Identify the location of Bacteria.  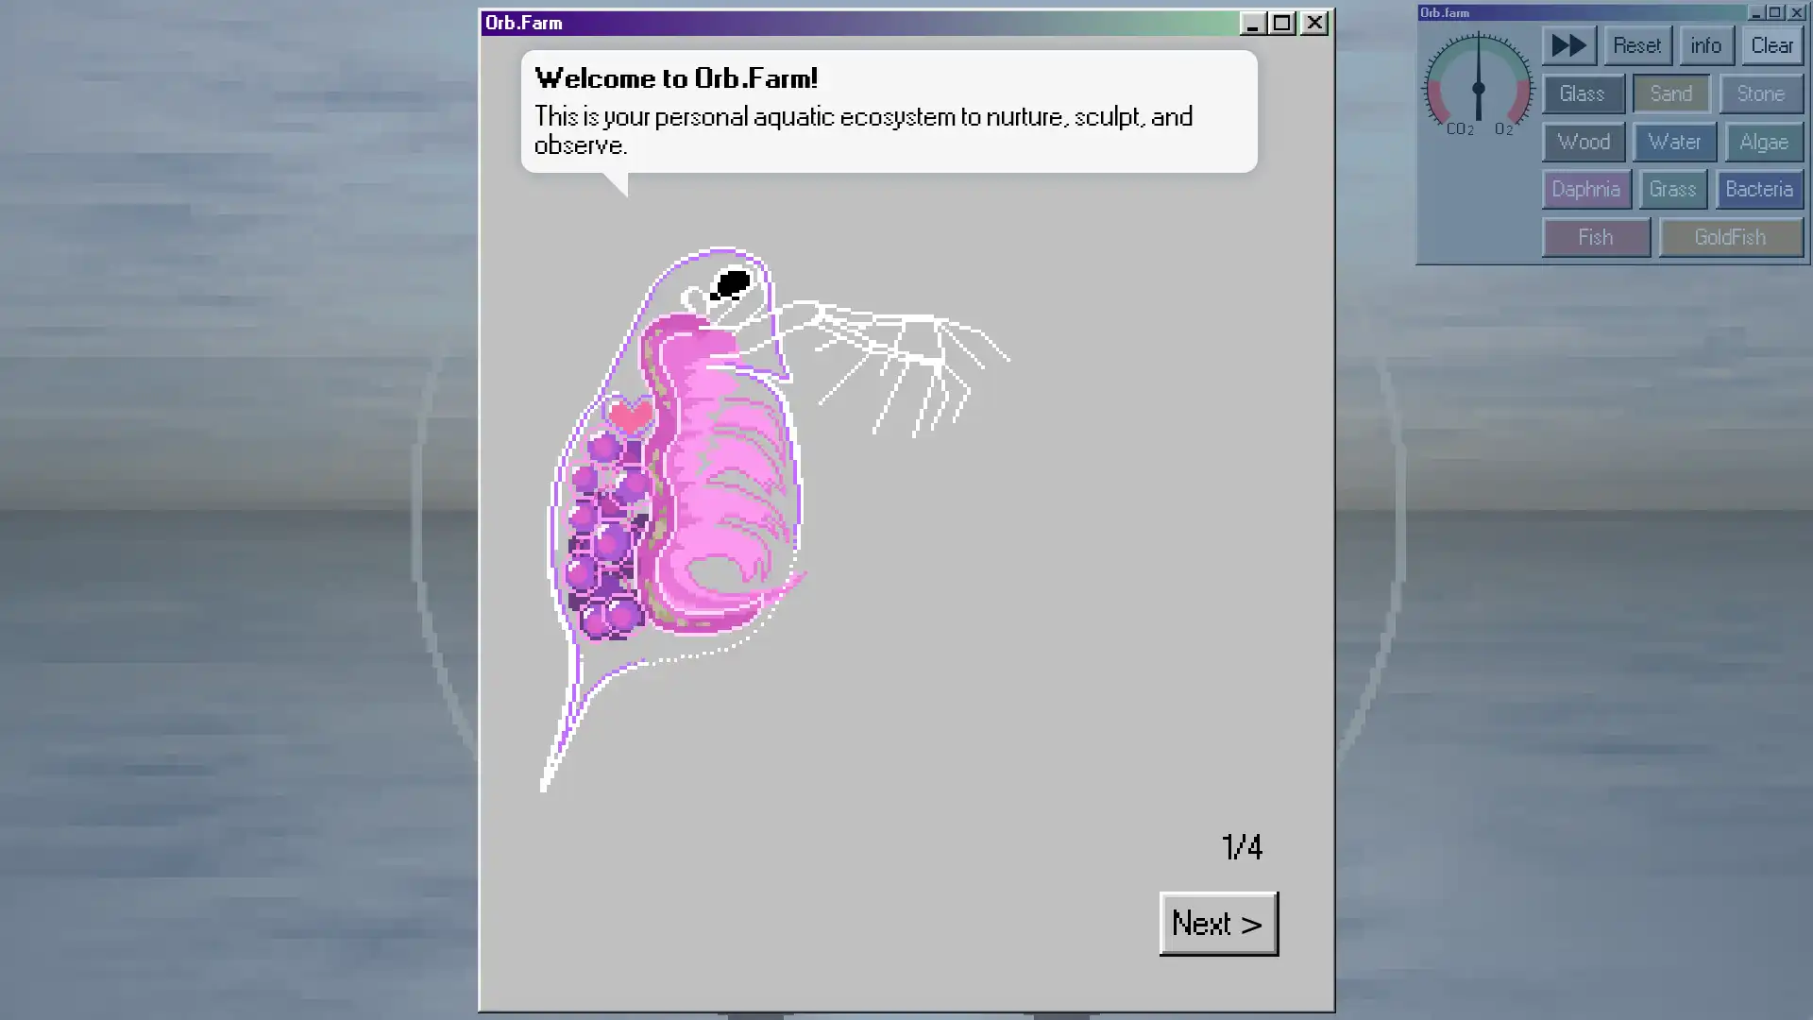
(938, 100).